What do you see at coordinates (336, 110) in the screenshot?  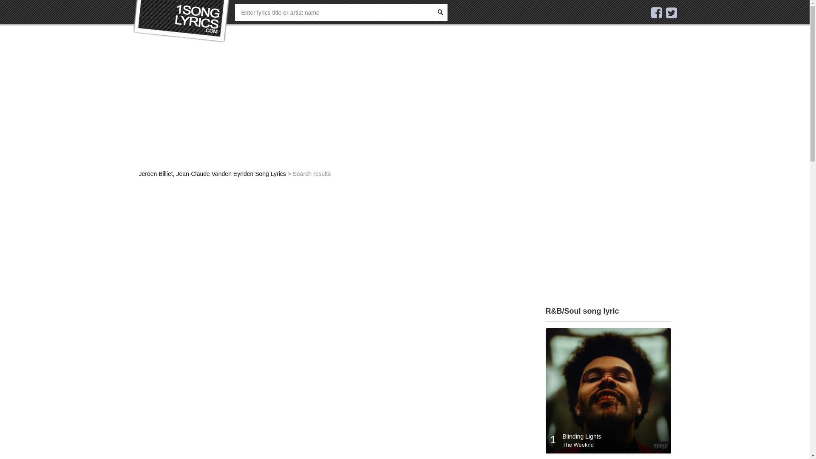 I see `'Advertisement'` at bounding box center [336, 110].